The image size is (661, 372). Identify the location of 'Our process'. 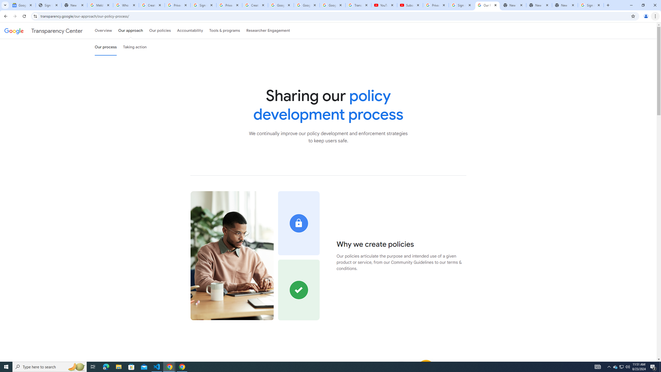
(105, 47).